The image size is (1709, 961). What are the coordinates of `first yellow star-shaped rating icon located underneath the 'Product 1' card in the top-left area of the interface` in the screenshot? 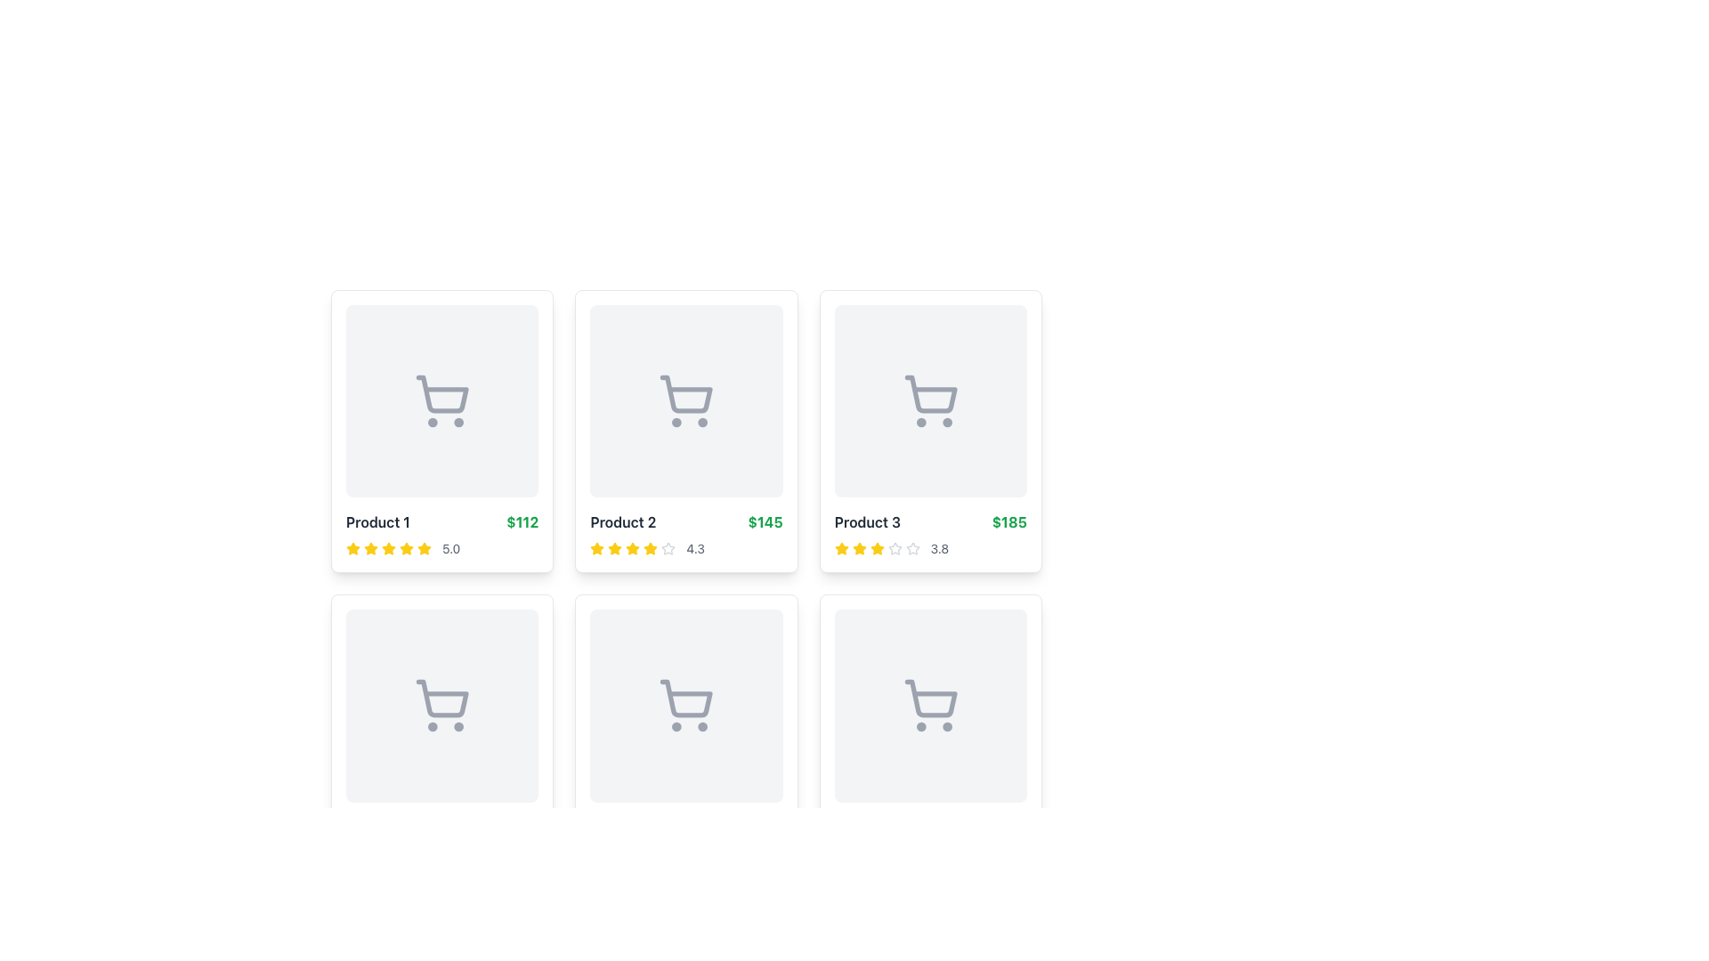 It's located at (423, 548).